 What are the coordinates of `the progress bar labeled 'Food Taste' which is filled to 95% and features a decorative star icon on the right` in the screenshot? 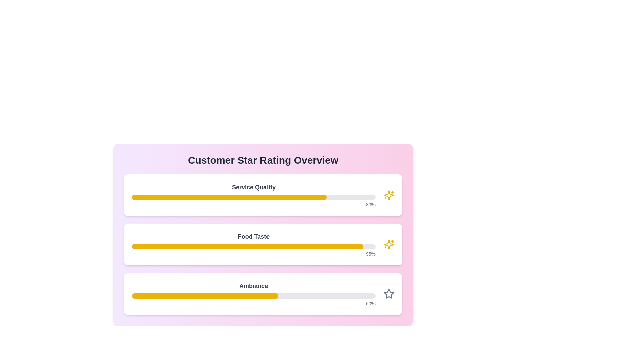 It's located at (263, 245).